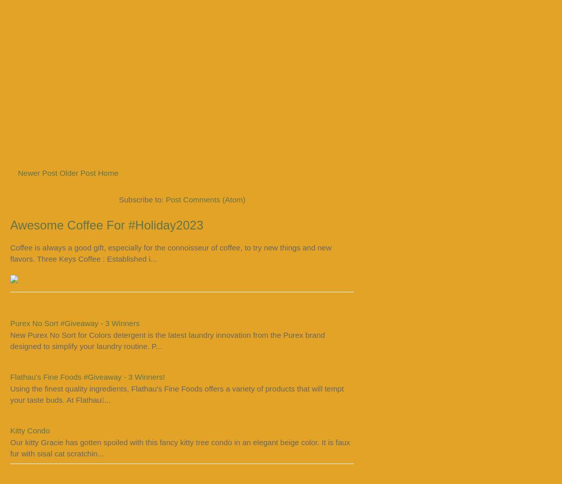  What do you see at coordinates (205, 199) in the screenshot?
I see `'Post Comments (Atom)'` at bounding box center [205, 199].